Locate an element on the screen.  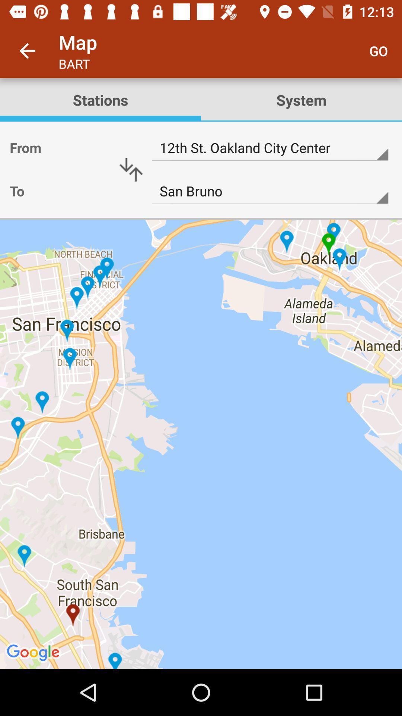
item to the left of map app is located at coordinates (27, 50).